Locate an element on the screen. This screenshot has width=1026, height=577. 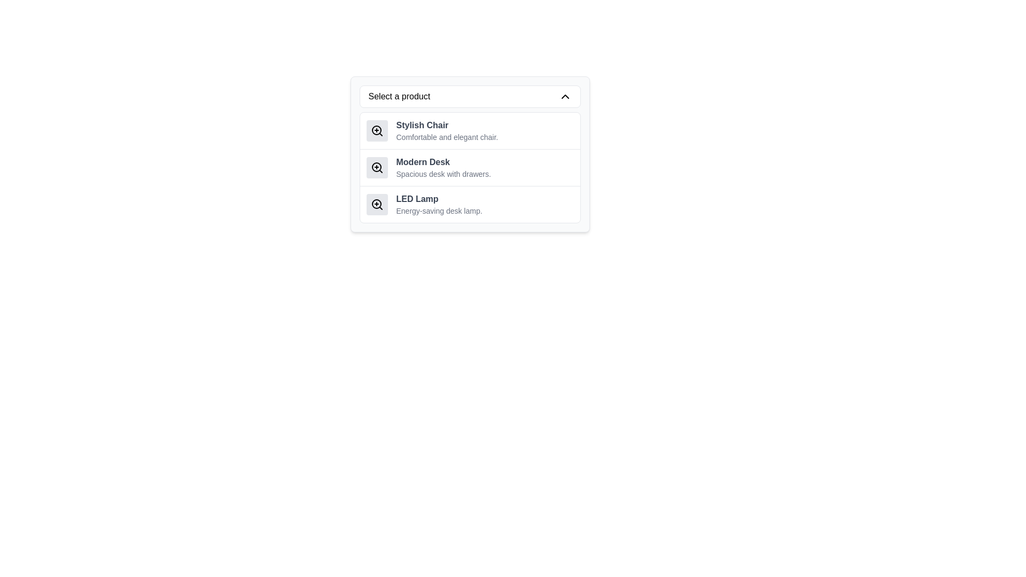
the third product listing item under 'Select a product.' which contains a magnifying glass icon and the text 'LED Lamp' and 'Energy-saving desk lamp.' is located at coordinates (424, 204).